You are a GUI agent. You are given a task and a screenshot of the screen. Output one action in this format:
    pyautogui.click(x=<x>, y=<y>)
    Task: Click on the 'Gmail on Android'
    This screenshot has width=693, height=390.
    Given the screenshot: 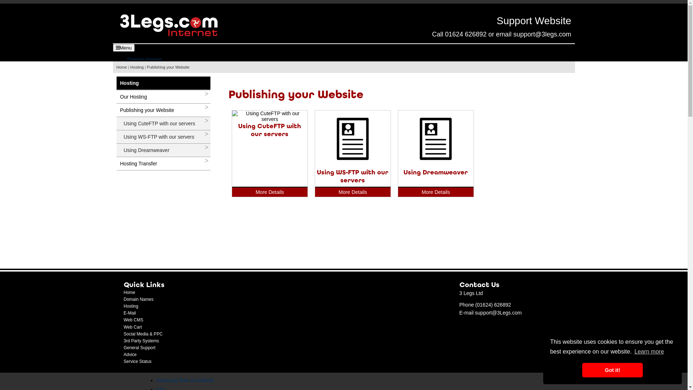 What is the action you would take?
    pyautogui.click(x=175, y=370)
    